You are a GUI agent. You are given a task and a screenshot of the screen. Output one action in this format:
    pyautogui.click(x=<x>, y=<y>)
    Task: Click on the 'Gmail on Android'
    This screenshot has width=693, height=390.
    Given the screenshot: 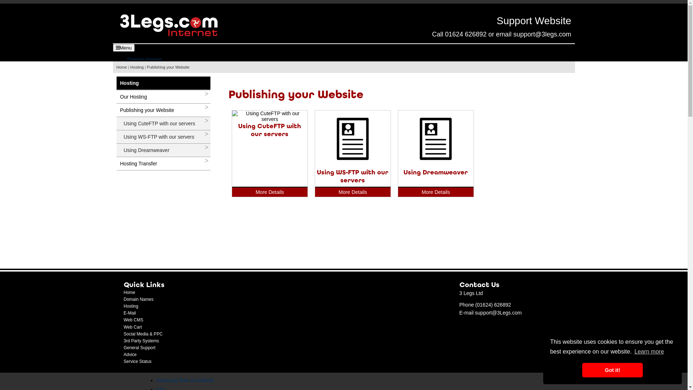 What is the action you would take?
    pyautogui.click(x=175, y=370)
    